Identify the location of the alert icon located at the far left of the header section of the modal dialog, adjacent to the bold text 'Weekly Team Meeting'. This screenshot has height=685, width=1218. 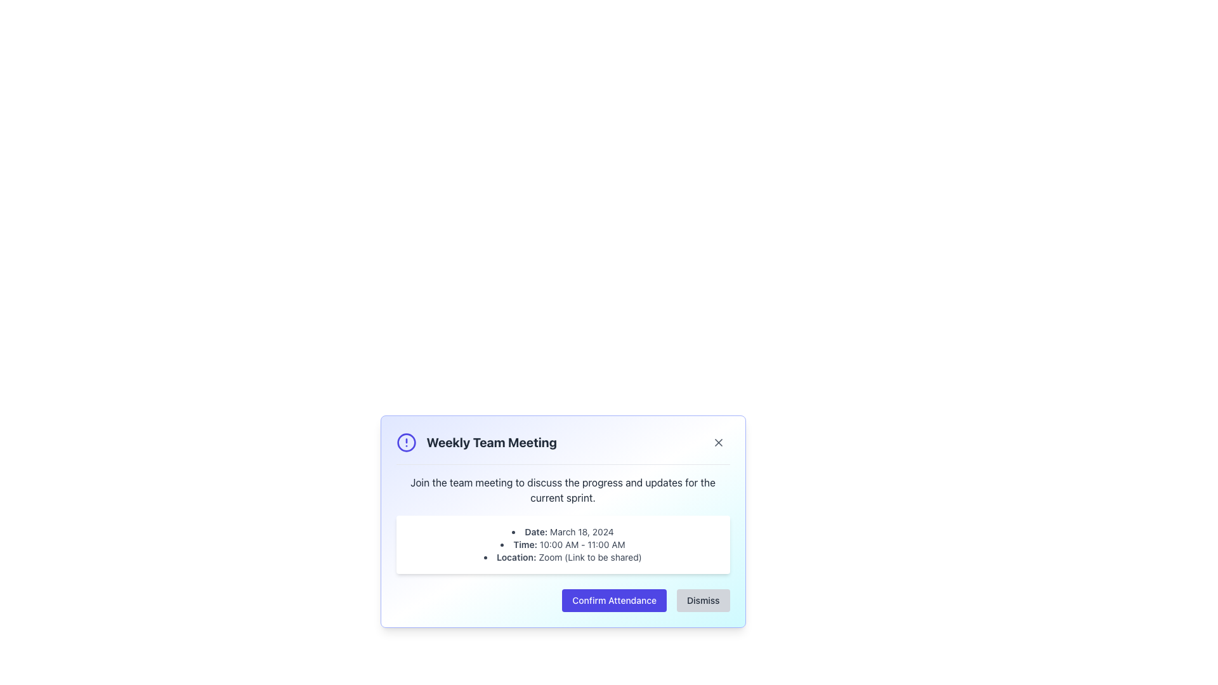
(406, 442).